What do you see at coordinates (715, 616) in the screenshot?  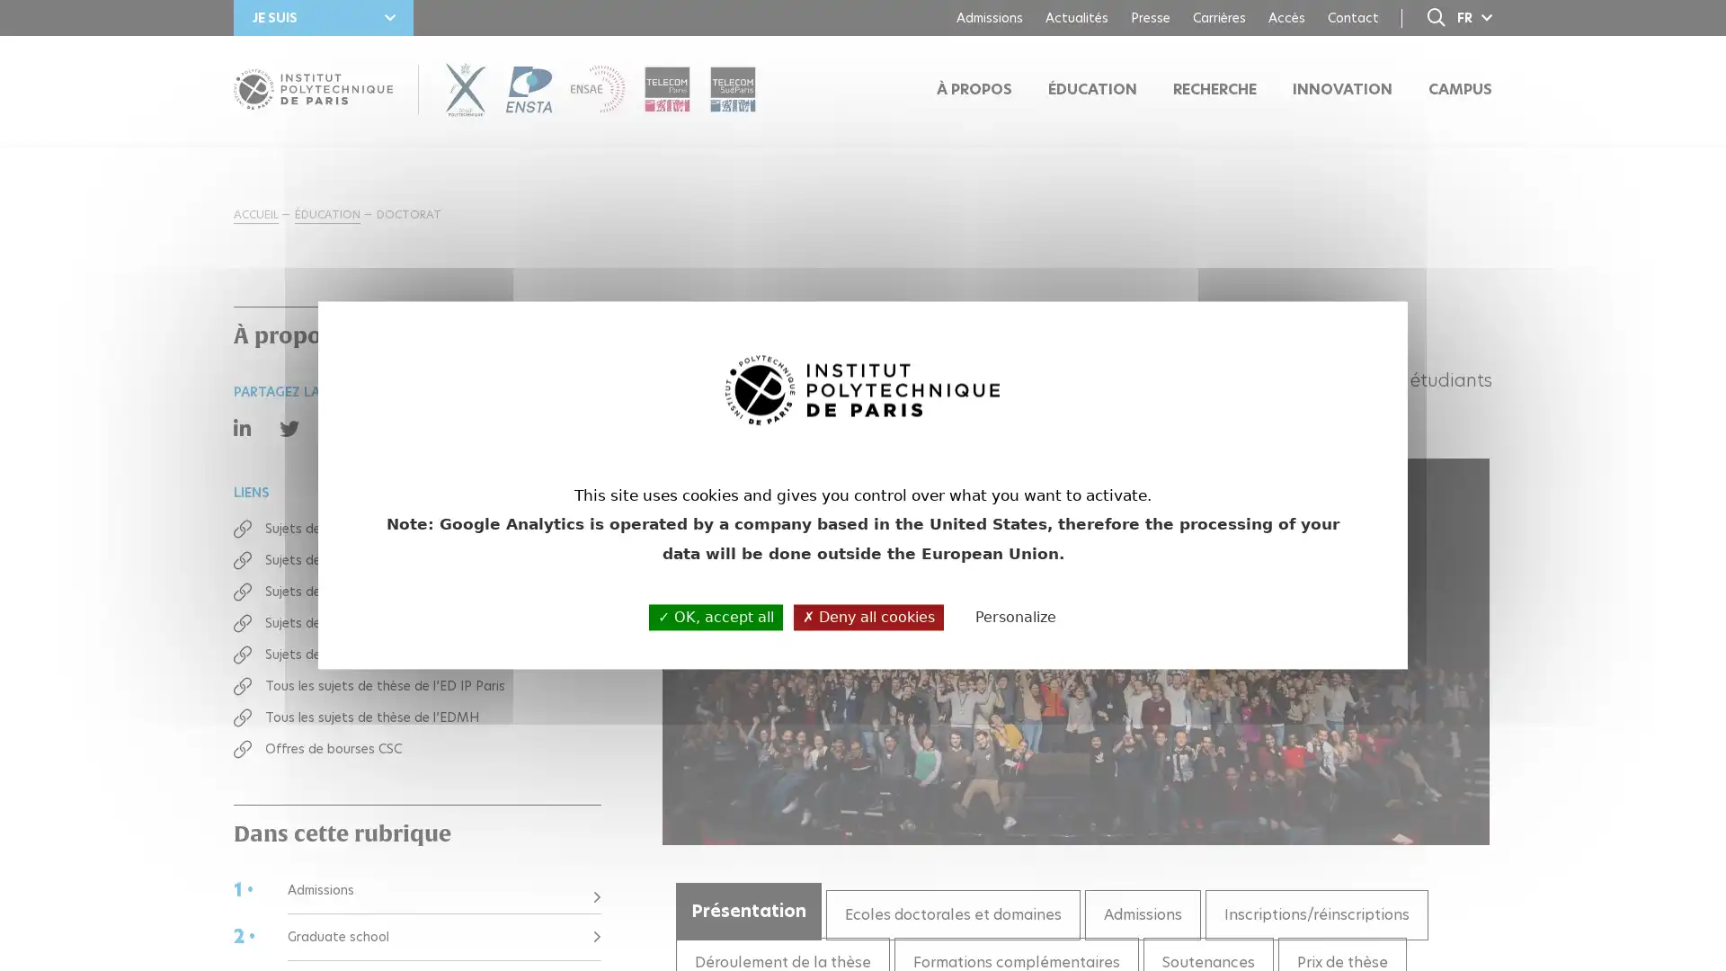 I see `OK, accept all` at bounding box center [715, 616].